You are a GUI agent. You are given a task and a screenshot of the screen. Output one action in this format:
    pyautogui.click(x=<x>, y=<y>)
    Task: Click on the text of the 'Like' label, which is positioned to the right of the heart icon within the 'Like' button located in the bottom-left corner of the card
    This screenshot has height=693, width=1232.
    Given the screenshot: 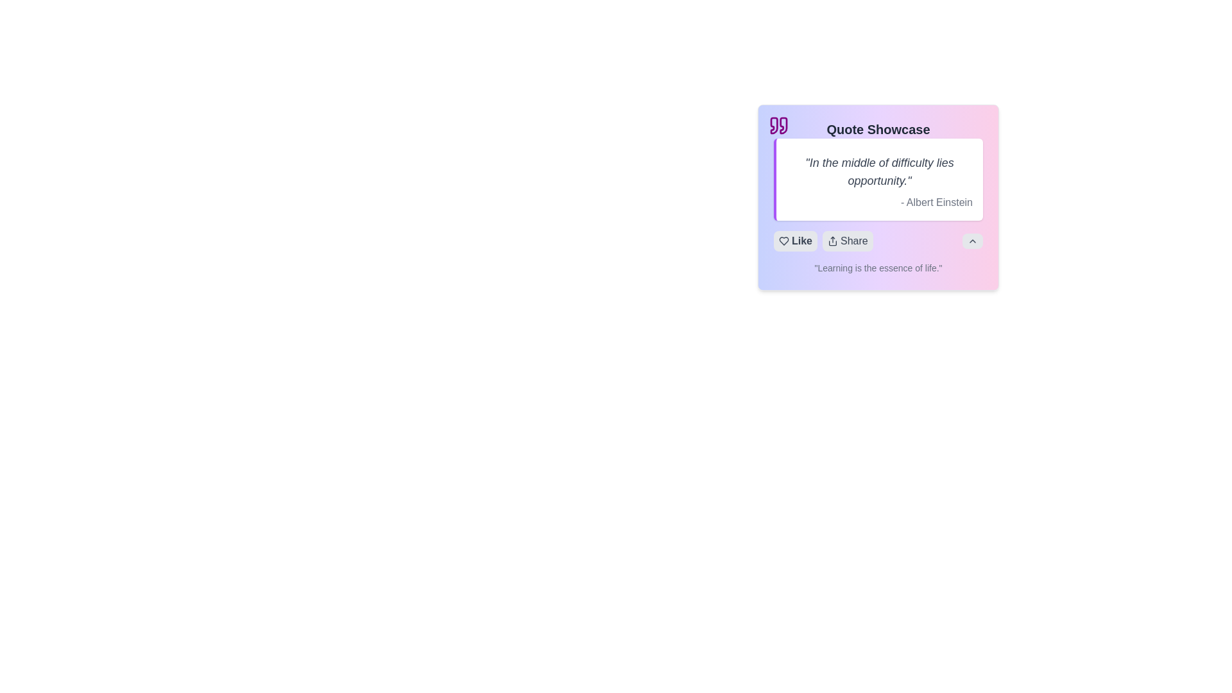 What is the action you would take?
    pyautogui.click(x=801, y=241)
    